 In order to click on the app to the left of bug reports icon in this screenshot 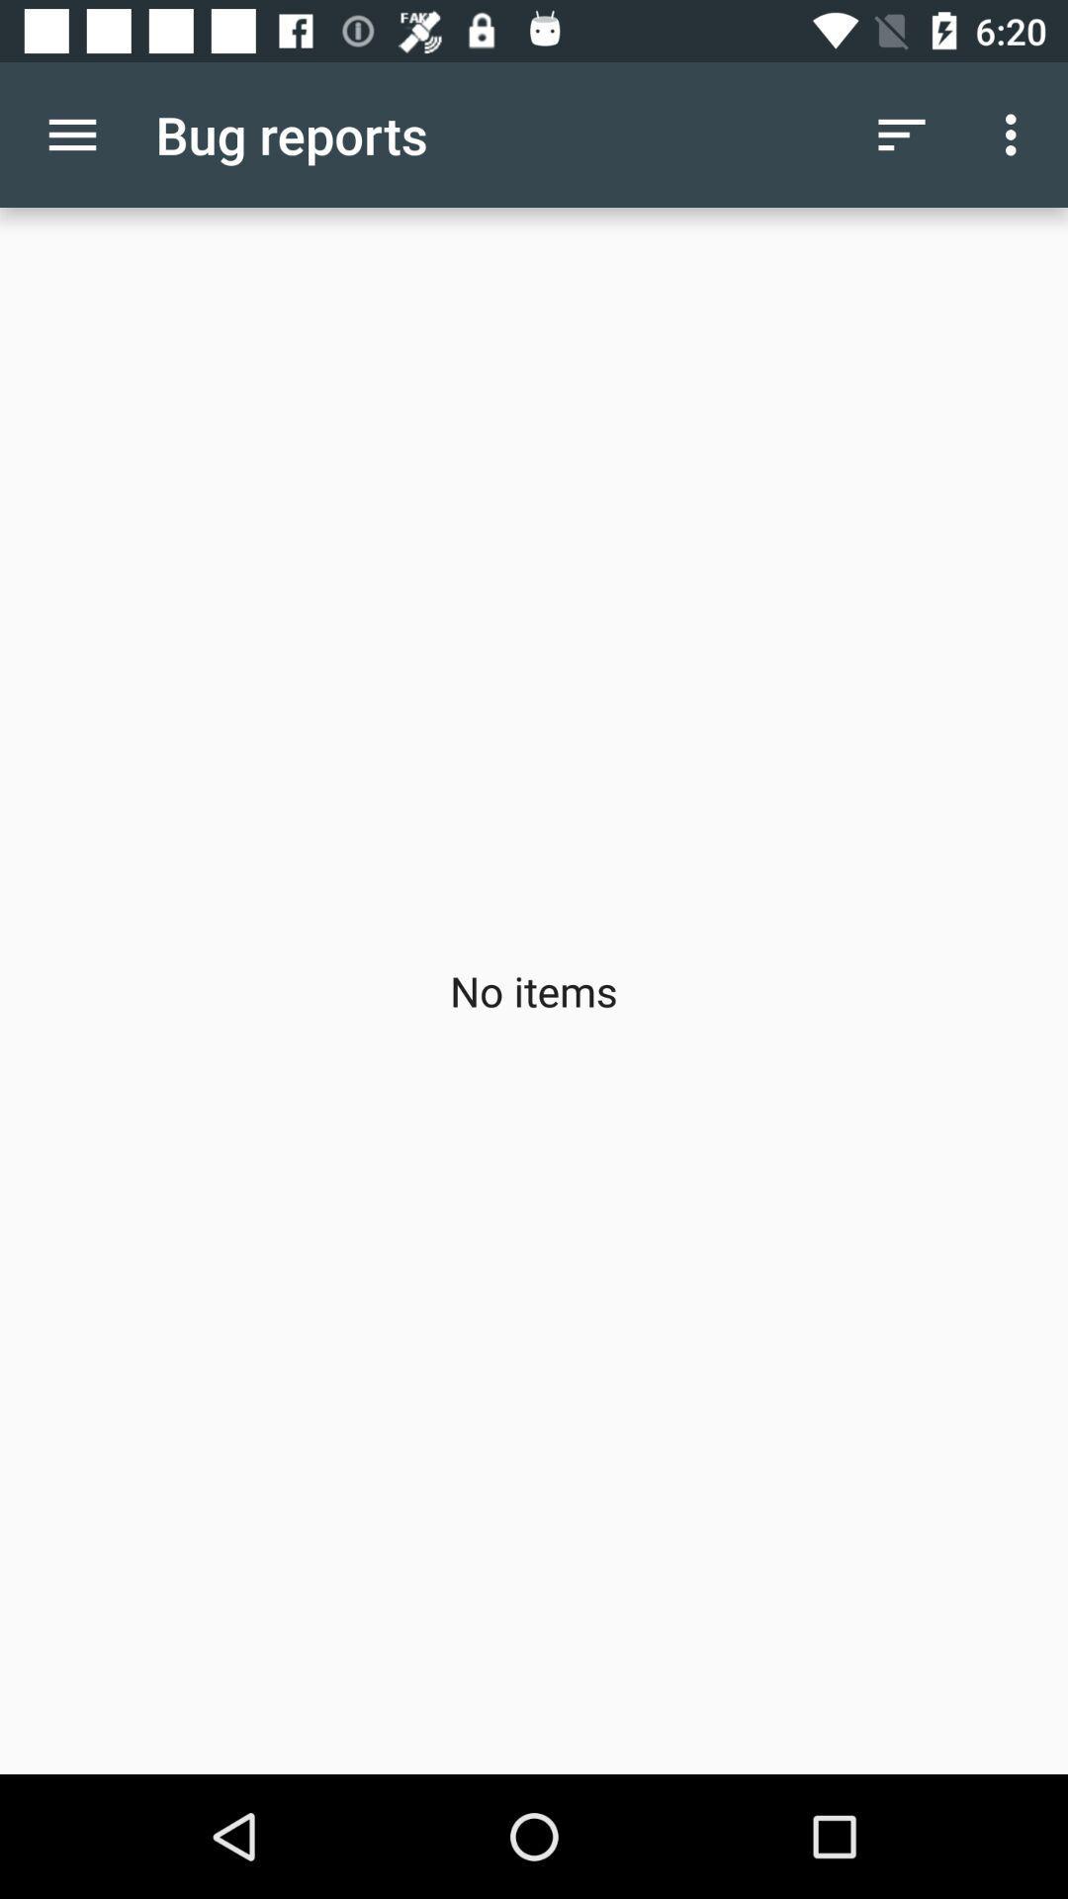, I will do `click(71, 134)`.